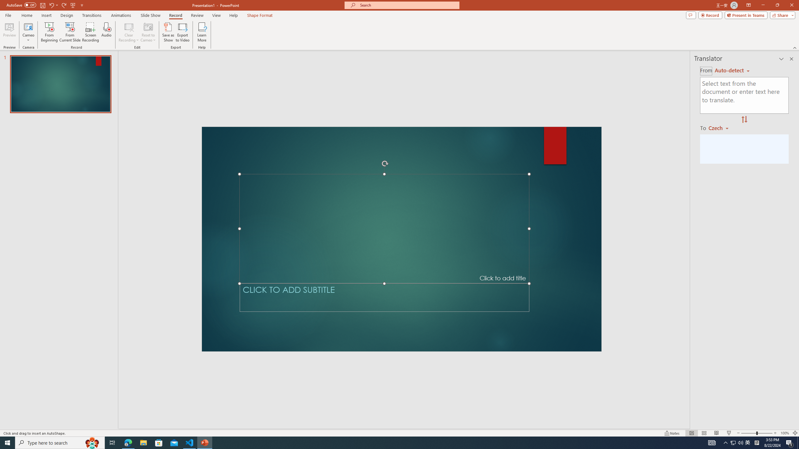 The image size is (799, 449). What do you see at coordinates (744, 119) in the screenshot?
I see `'Swap "from" and "to" languages.'` at bounding box center [744, 119].